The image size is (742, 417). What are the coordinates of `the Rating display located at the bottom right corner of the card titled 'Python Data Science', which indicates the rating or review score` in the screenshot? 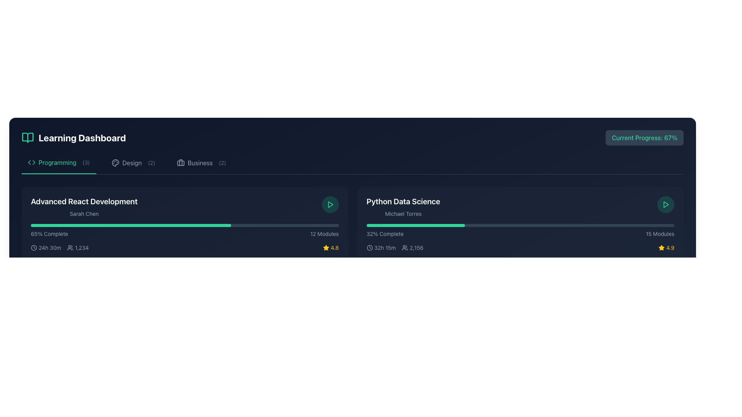 It's located at (666, 247).